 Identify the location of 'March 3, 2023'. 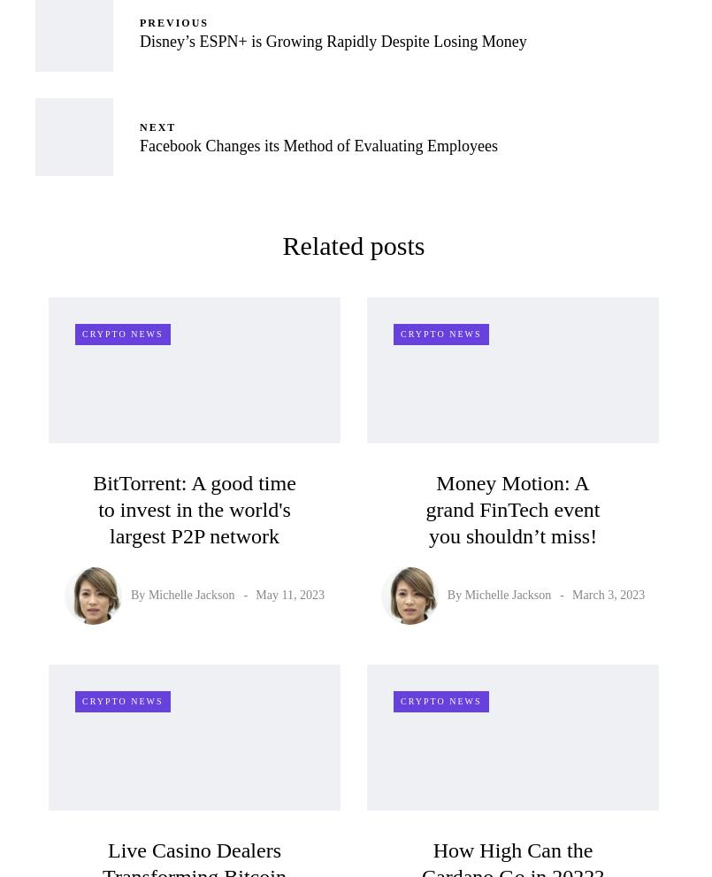
(570, 594).